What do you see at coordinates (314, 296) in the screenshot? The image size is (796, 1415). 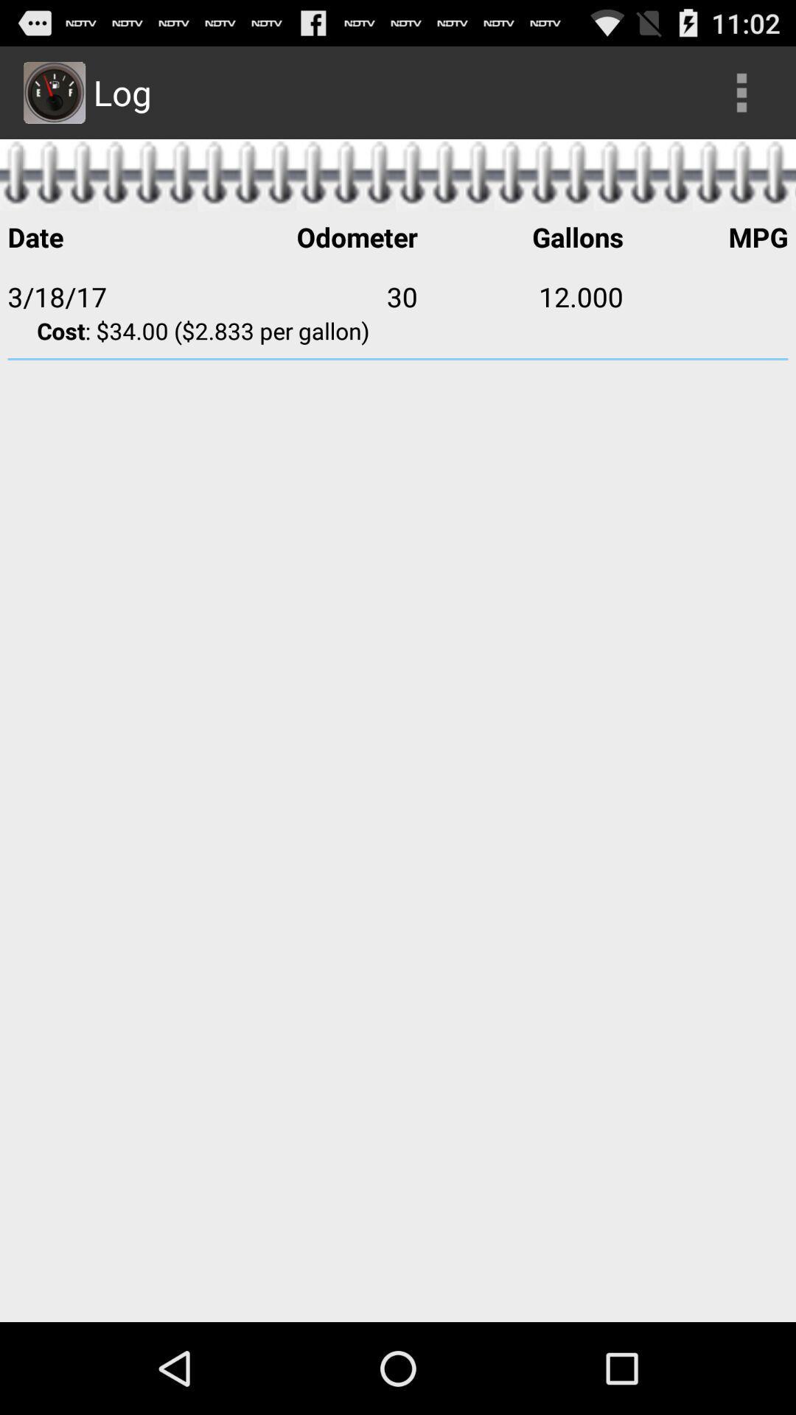 I see `the app to the right of the 3/18/17 item` at bounding box center [314, 296].